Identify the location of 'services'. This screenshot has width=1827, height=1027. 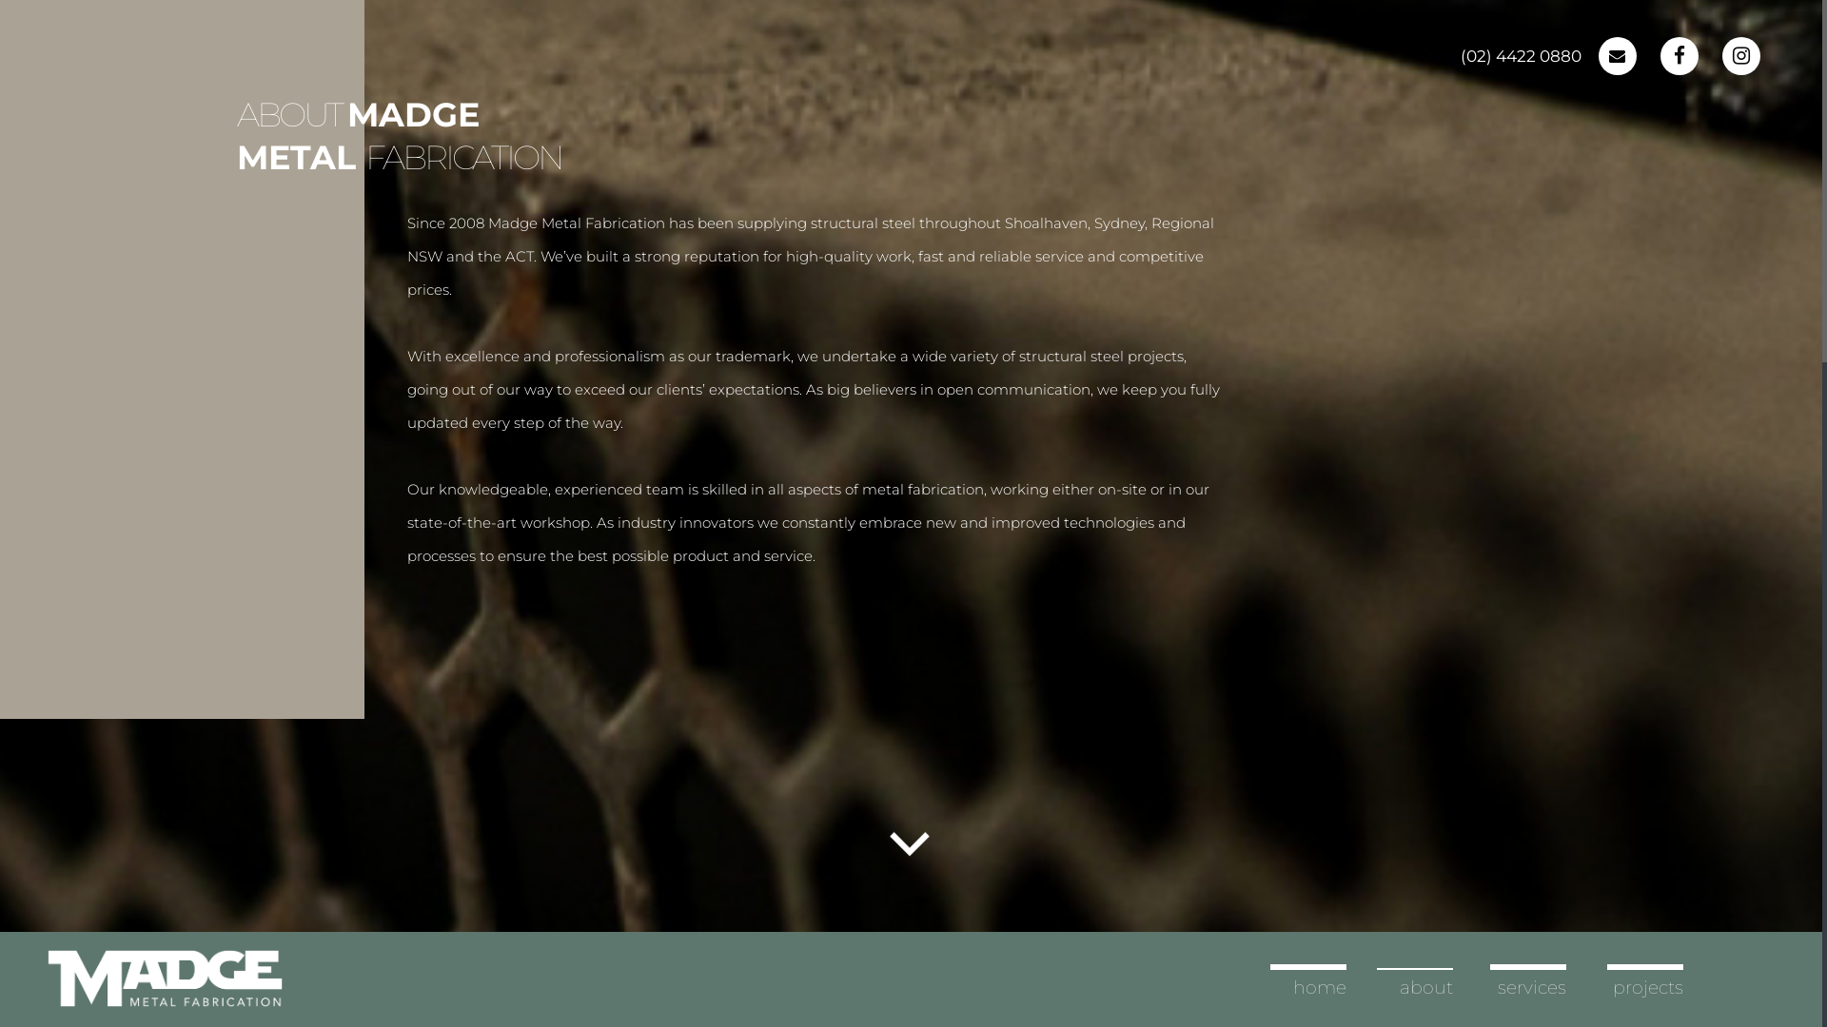
(1497, 986).